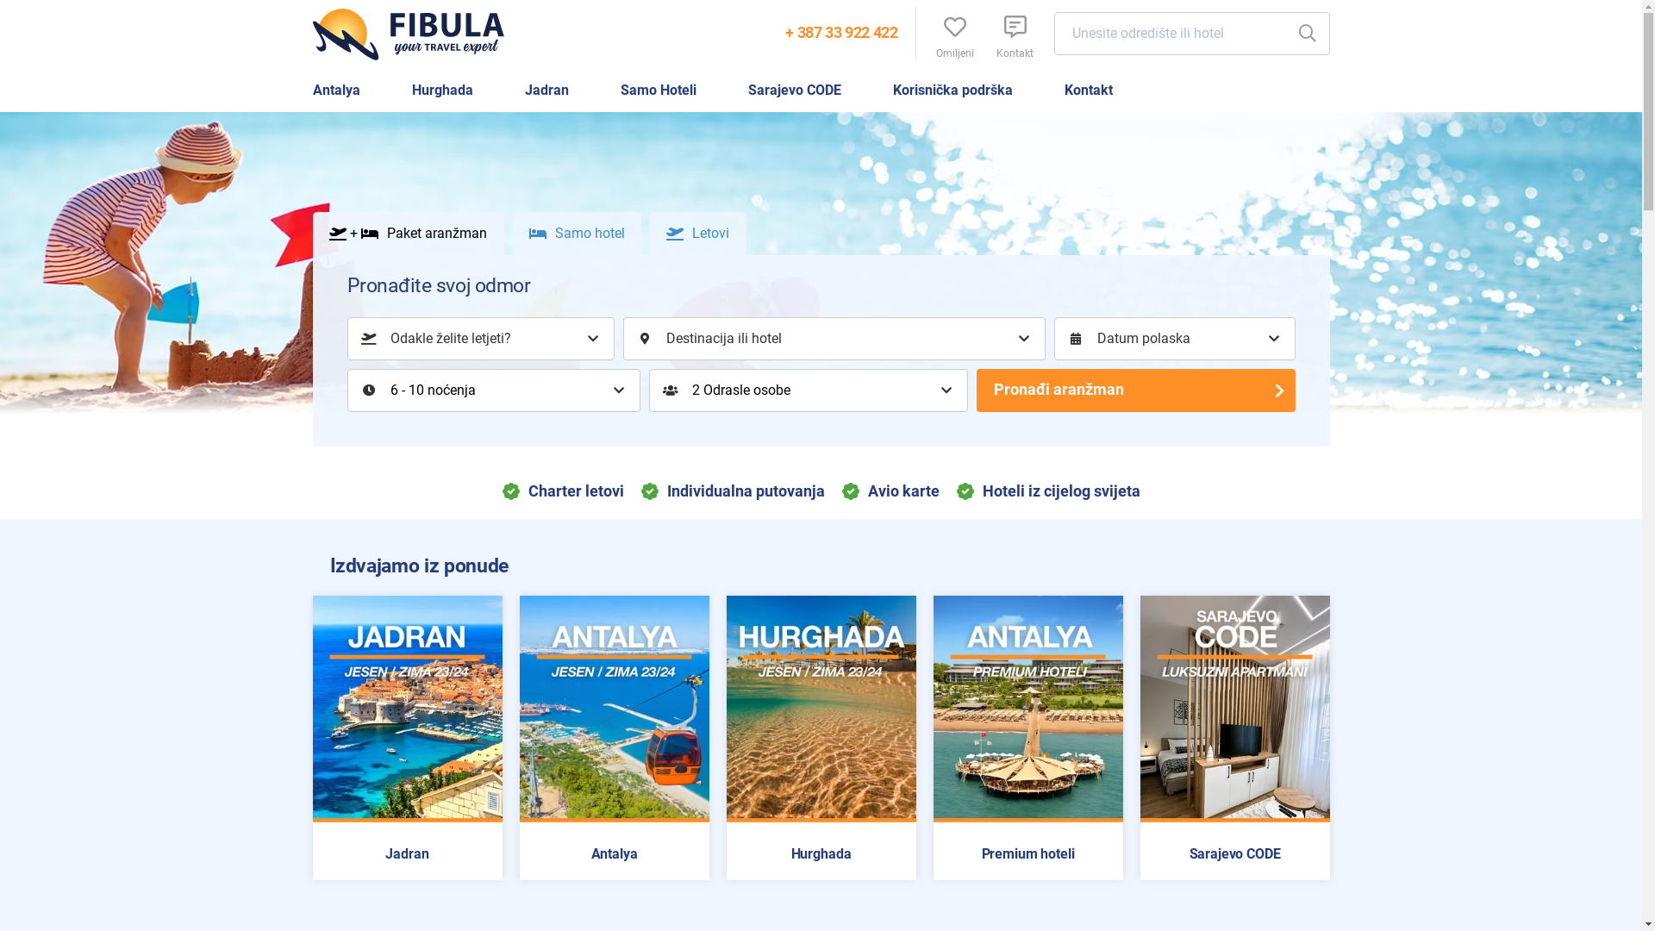 Image resolution: width=1655 pixels, height=931 pixels. What do you see at coordinates (321, 854) in the screenshot?
I see `'Jadran'` at bounding box center [321, 854].